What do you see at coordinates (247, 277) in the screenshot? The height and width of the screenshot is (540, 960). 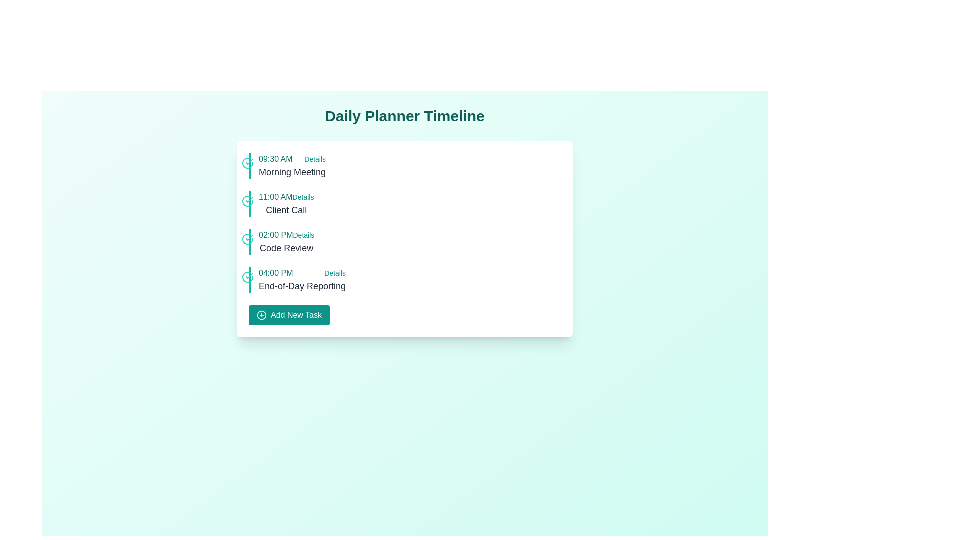 I see `the teal circular icon representing the '04:00 PM' timeline entry within the vertical planner layout` at bounding box center [247, 277].